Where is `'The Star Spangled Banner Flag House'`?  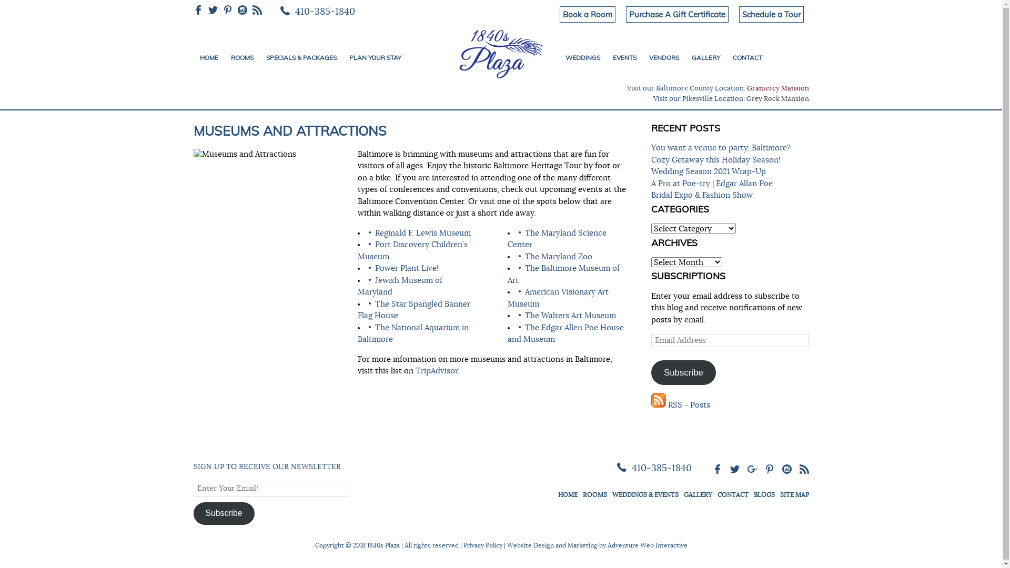 'The Star Spangled Banner Flag House' is located at coordinates (413, 309).